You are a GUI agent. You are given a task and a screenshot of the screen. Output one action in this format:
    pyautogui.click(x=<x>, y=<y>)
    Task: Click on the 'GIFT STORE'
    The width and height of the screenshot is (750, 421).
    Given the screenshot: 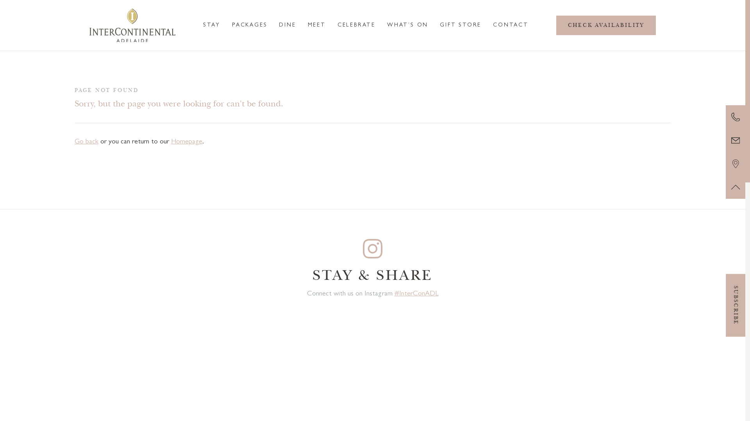 What is the action you would take?
    pyautogui.click(x=461, y=25)
    